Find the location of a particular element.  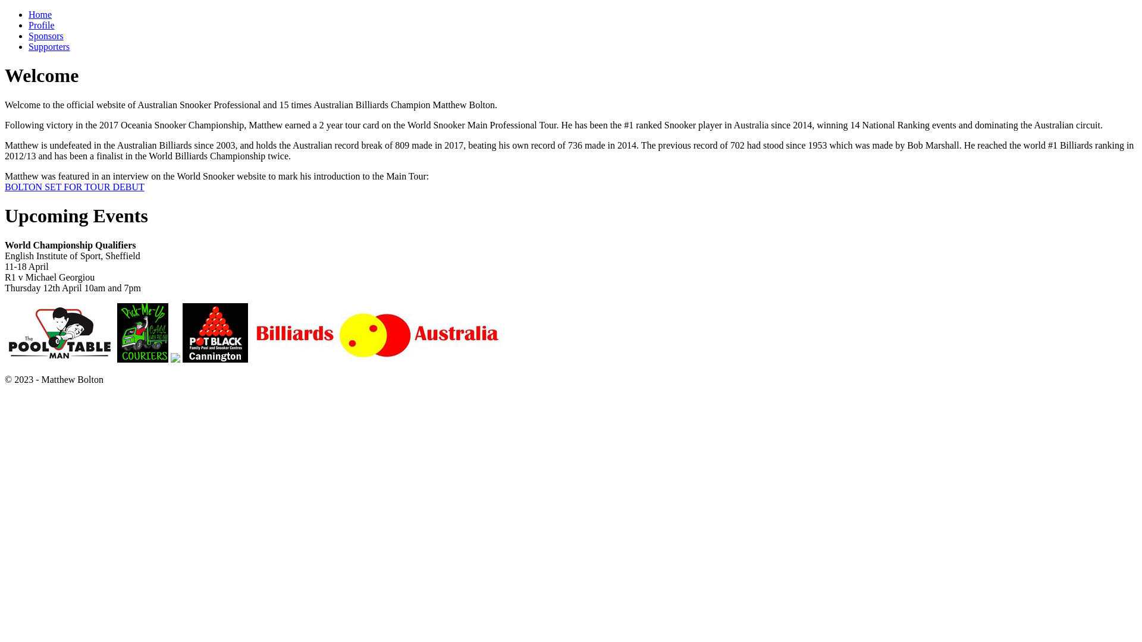

'Profile' is located at coordinates (29, 25).